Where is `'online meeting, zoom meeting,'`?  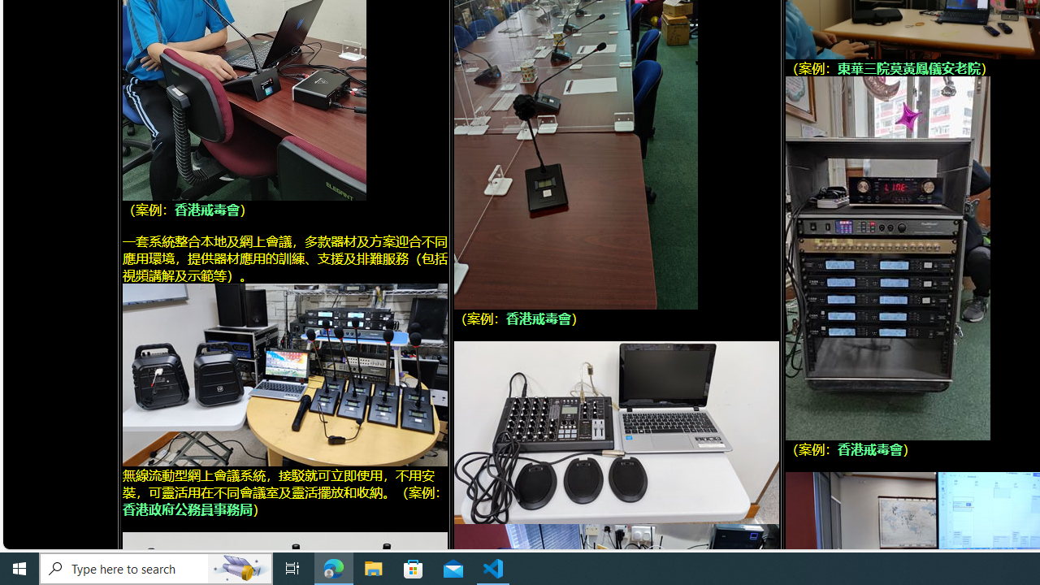
'online meeting, zoom meeting,' is located at coordinates (284, 374).